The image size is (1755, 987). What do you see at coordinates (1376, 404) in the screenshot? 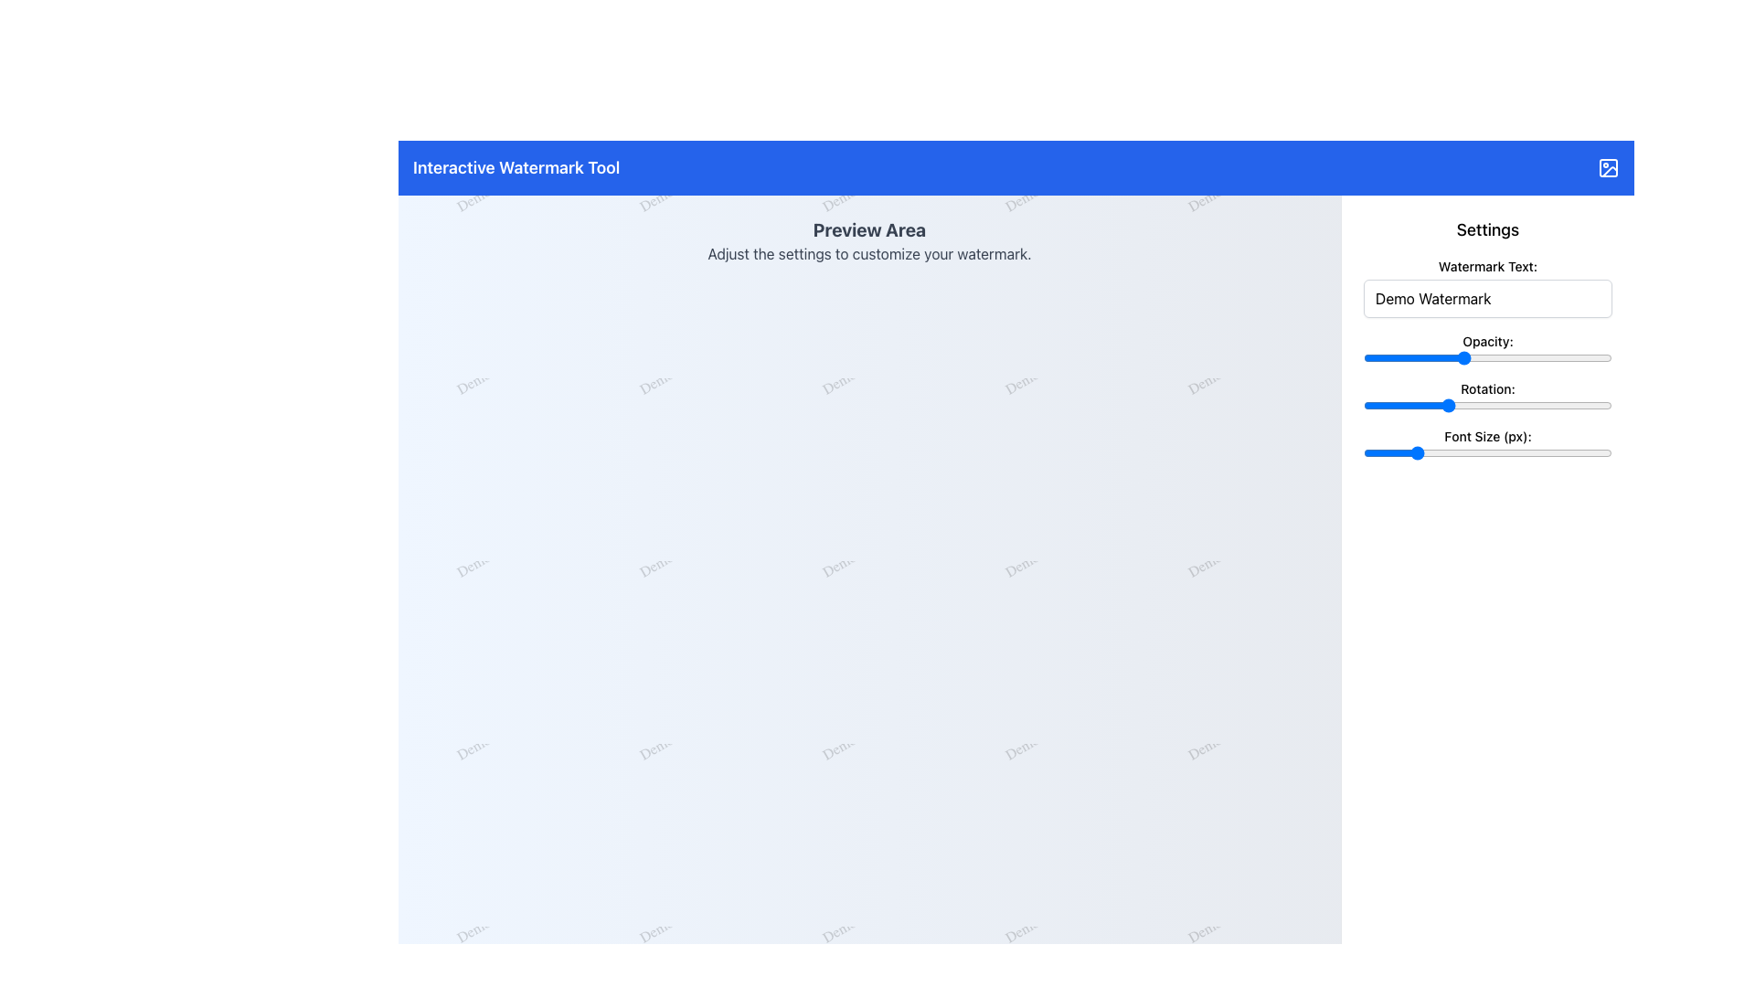
I see `rotation` at bounding box center [1376, 404].